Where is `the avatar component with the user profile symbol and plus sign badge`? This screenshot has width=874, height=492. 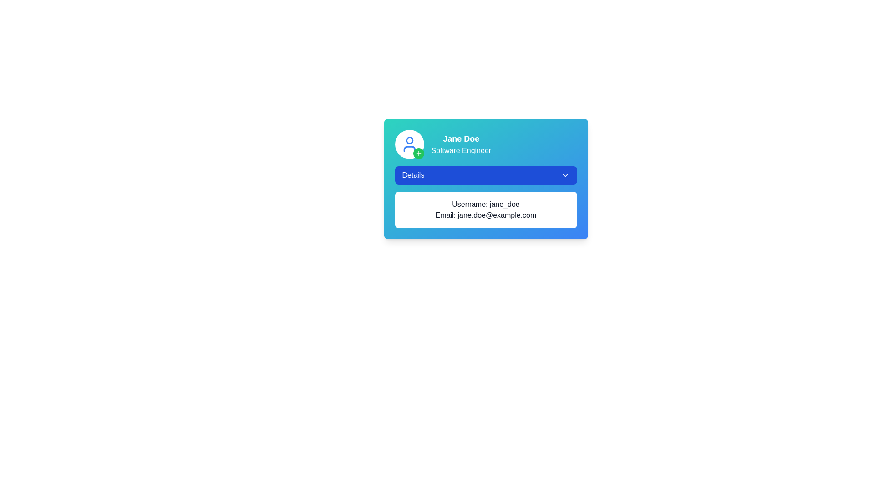
the avatar component with the user profile symbol and plus sign badge is located at coordinates (409, 143).